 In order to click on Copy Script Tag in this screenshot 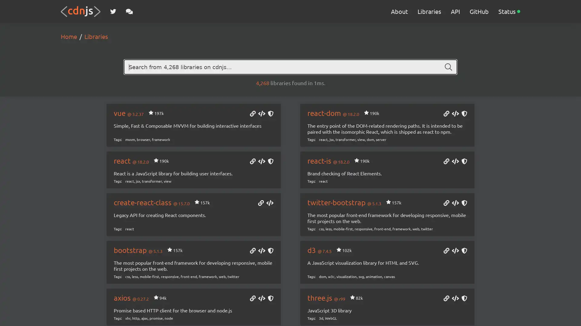, I will do `click(261, 299)`.